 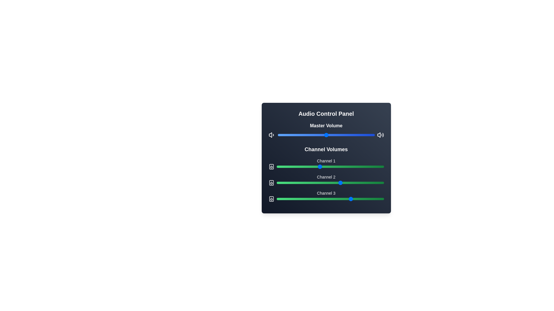 I want to click on the master volume, so click(x=295, y=135).